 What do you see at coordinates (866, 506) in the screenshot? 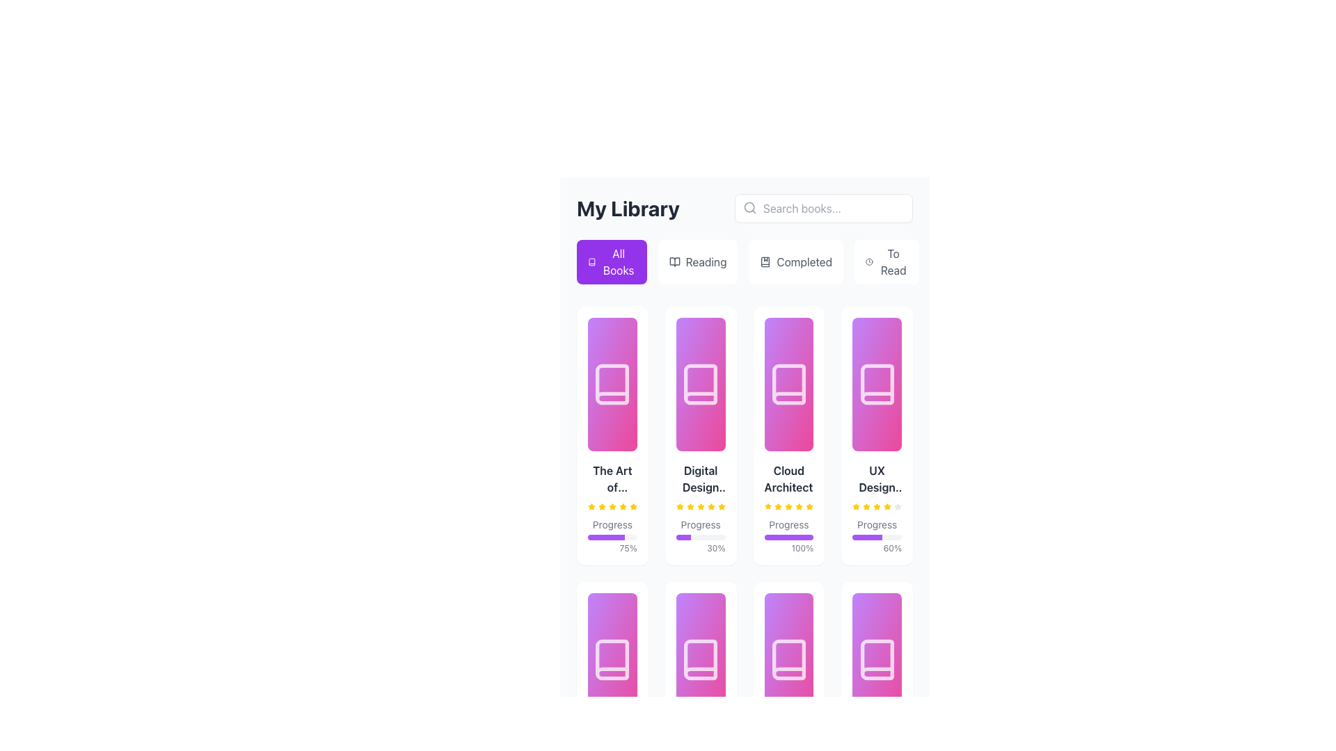
I see `the fourth star icon in the rating widget for the 'UX Design' book` at bounding box center [866, 506].